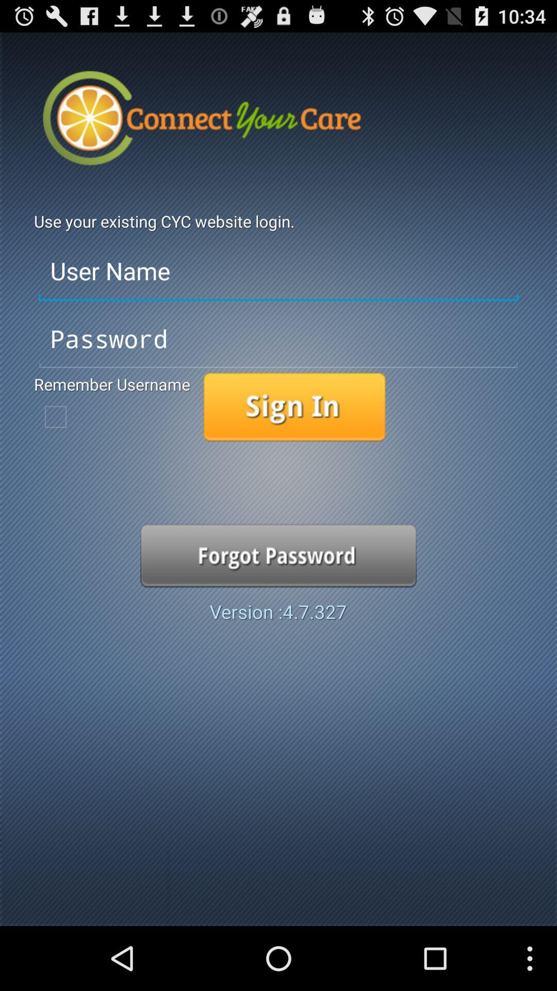 The width and height of the screenshot is (557, 991). Describe the element at coordinates (278, 339) in the screenshot. I see `password` at that location.